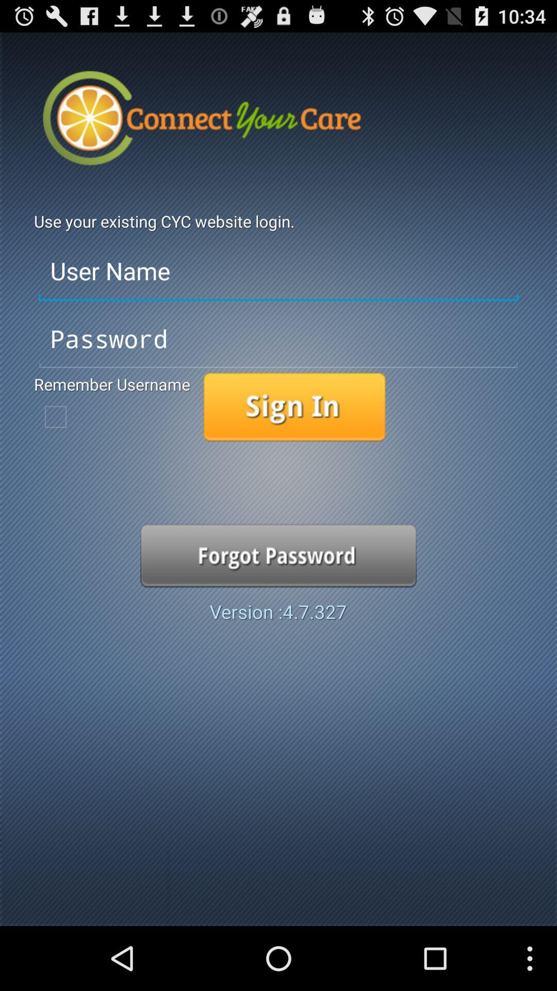 The width and height of the screenshot is (557, 991). Describe the element at coordinates (278, 339) in the screenshot. I see `password` at that location.